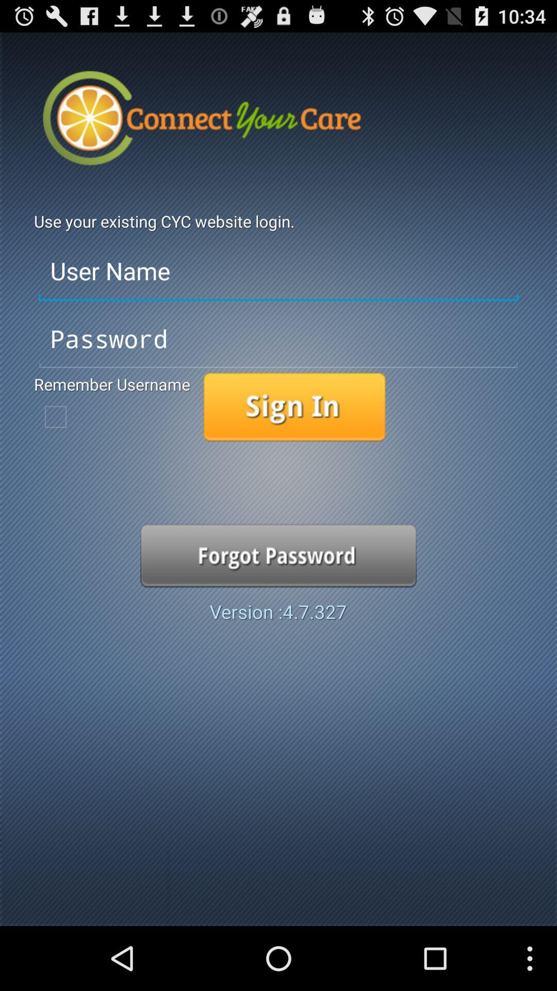 The width and height of the screenshot is (557, 991). Describe the element at coordinates (278, 339) in the screenshot. I see `password` at that location.